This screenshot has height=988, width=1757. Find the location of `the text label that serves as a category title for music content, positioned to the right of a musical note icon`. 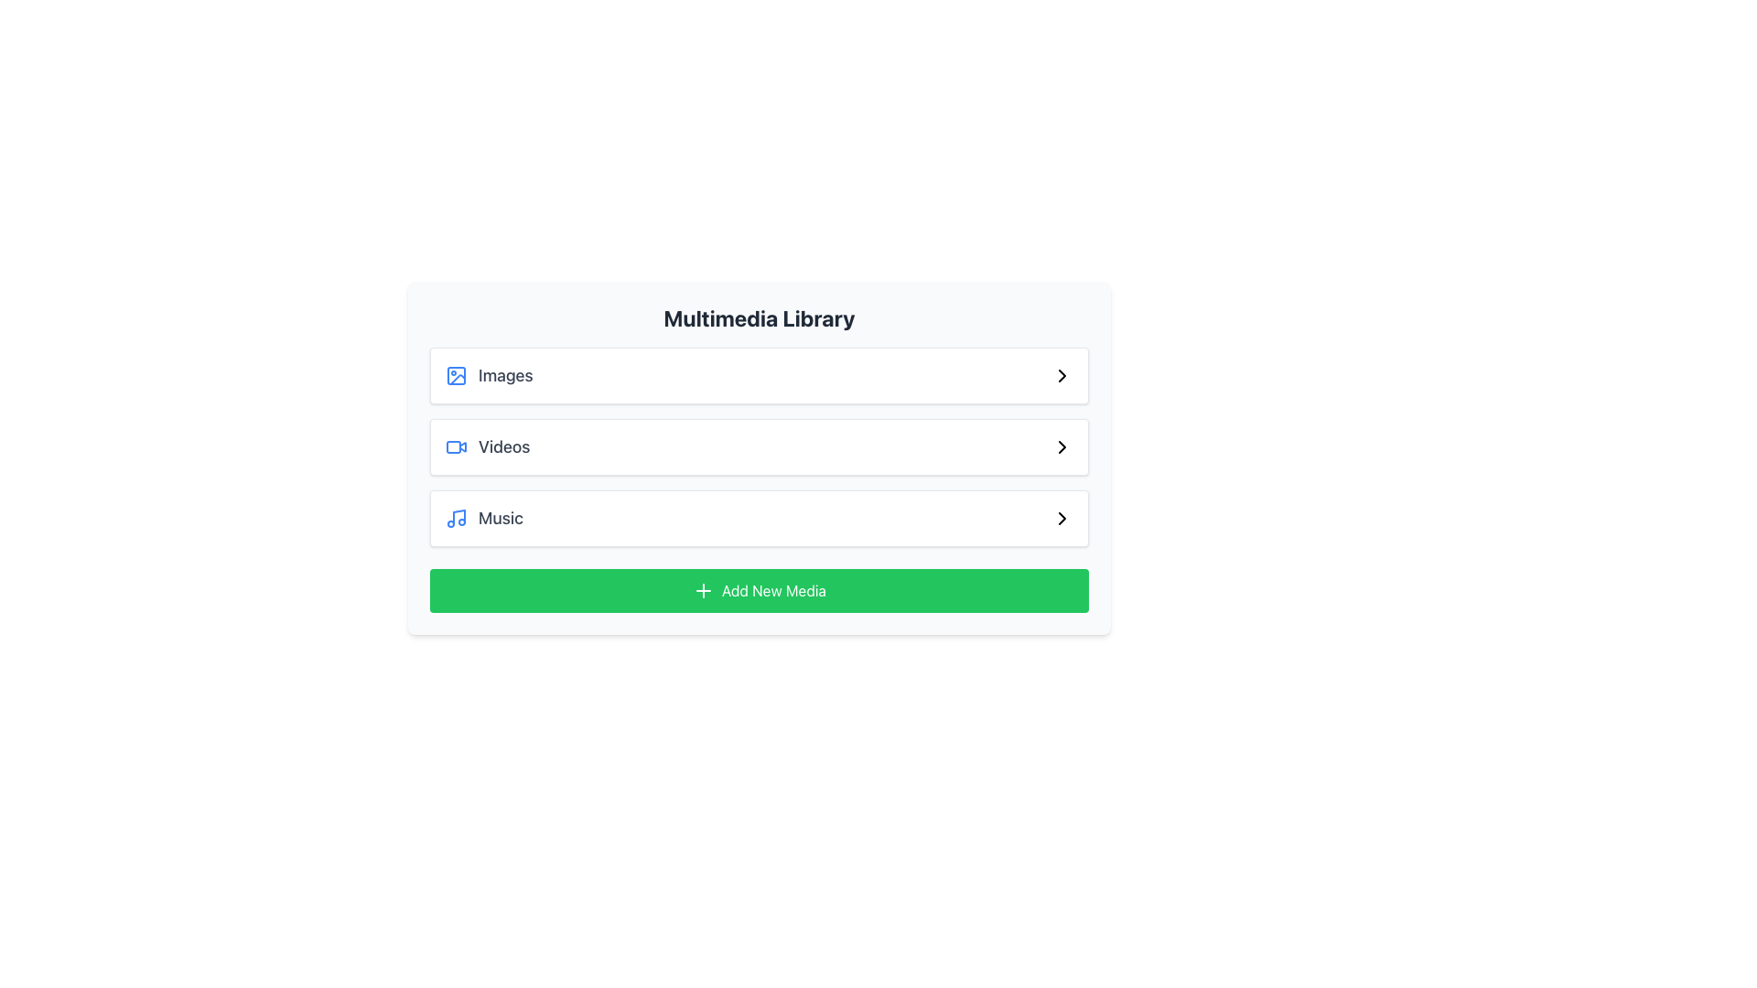

the text label that serves as a category title for music content, positioned to the right of a musical note icon is located at coordinates (501, 519).